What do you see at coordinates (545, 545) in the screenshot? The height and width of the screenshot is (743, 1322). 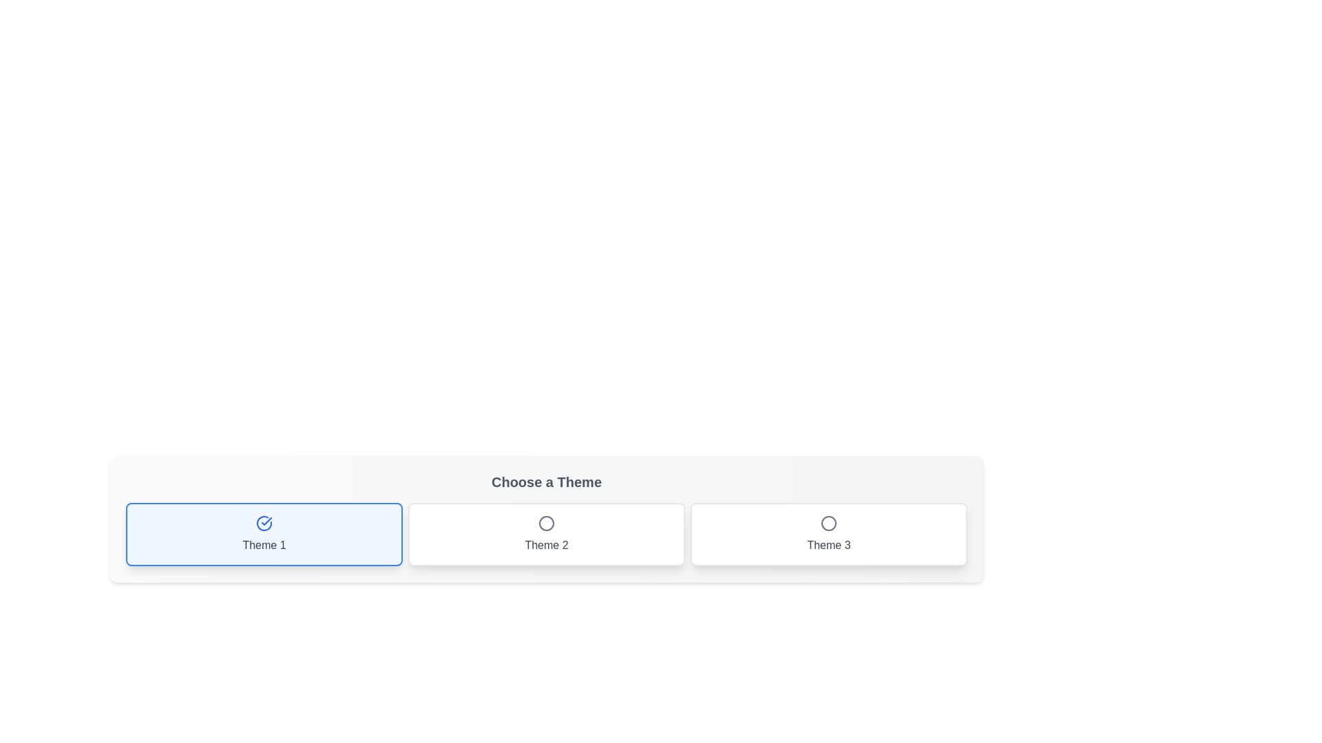 I see `the text label displaying 'Theme 2', which is styled with medium font weight and gray color, located centrally under the interactive button with the same label` at bounding box center [545, 545].